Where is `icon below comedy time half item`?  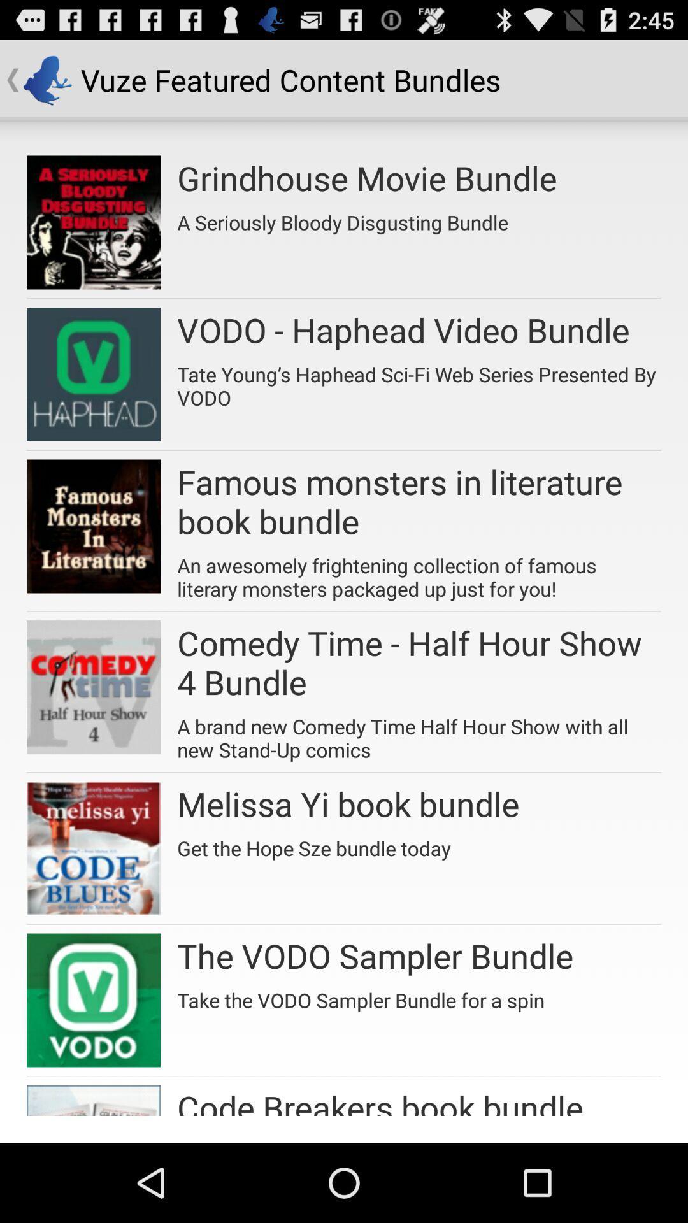 icon below comedy time half item is located at coordinates (419, 734).